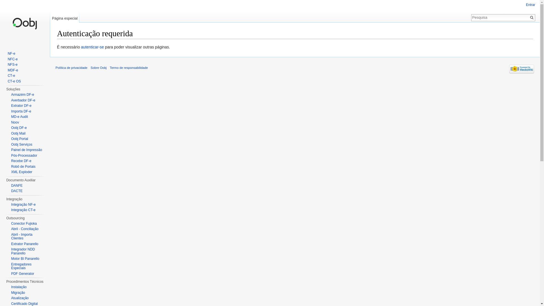 The width and height of the screenshot is (544, 306). Describe the element at coordinates (8, 75) in the screenshot. I see `'CT-e'` at that location.